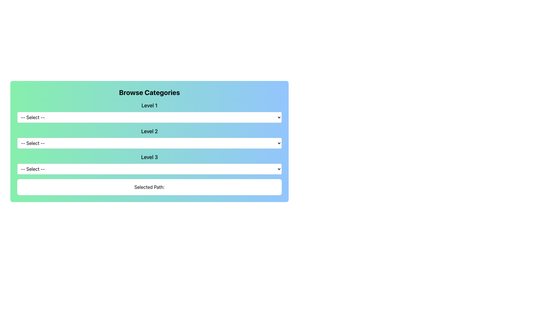 This screenshot has width=552, height=310. What do you see at coordinates (149, 105) in the screenshot?
I see `the static text label indicating the category level of the dropdown menu, located under 'Browse Categories'` at bounding box center [149, 105].